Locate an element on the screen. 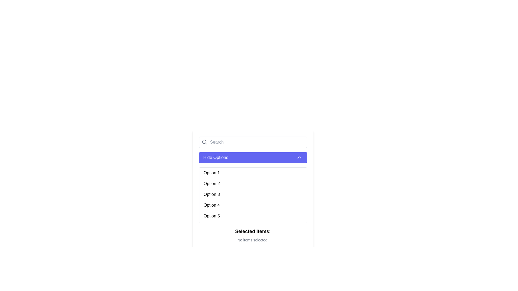  the fifth item is located at coordinates (253, 216).